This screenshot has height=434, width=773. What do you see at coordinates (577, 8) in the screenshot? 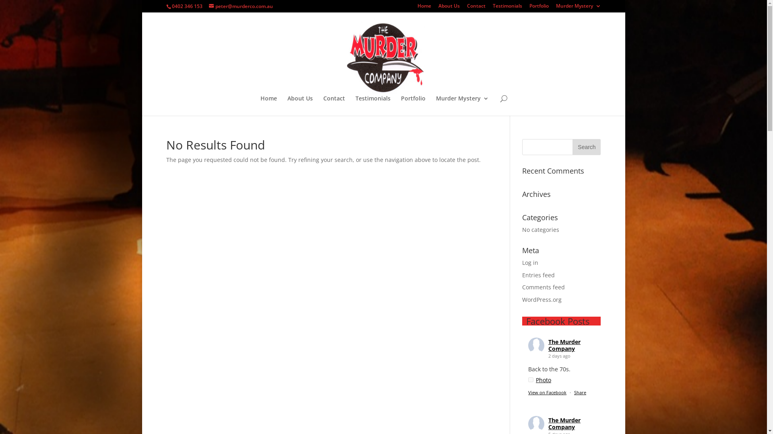
I see `'Murder Mystery'` at bounding box center [577, 8].